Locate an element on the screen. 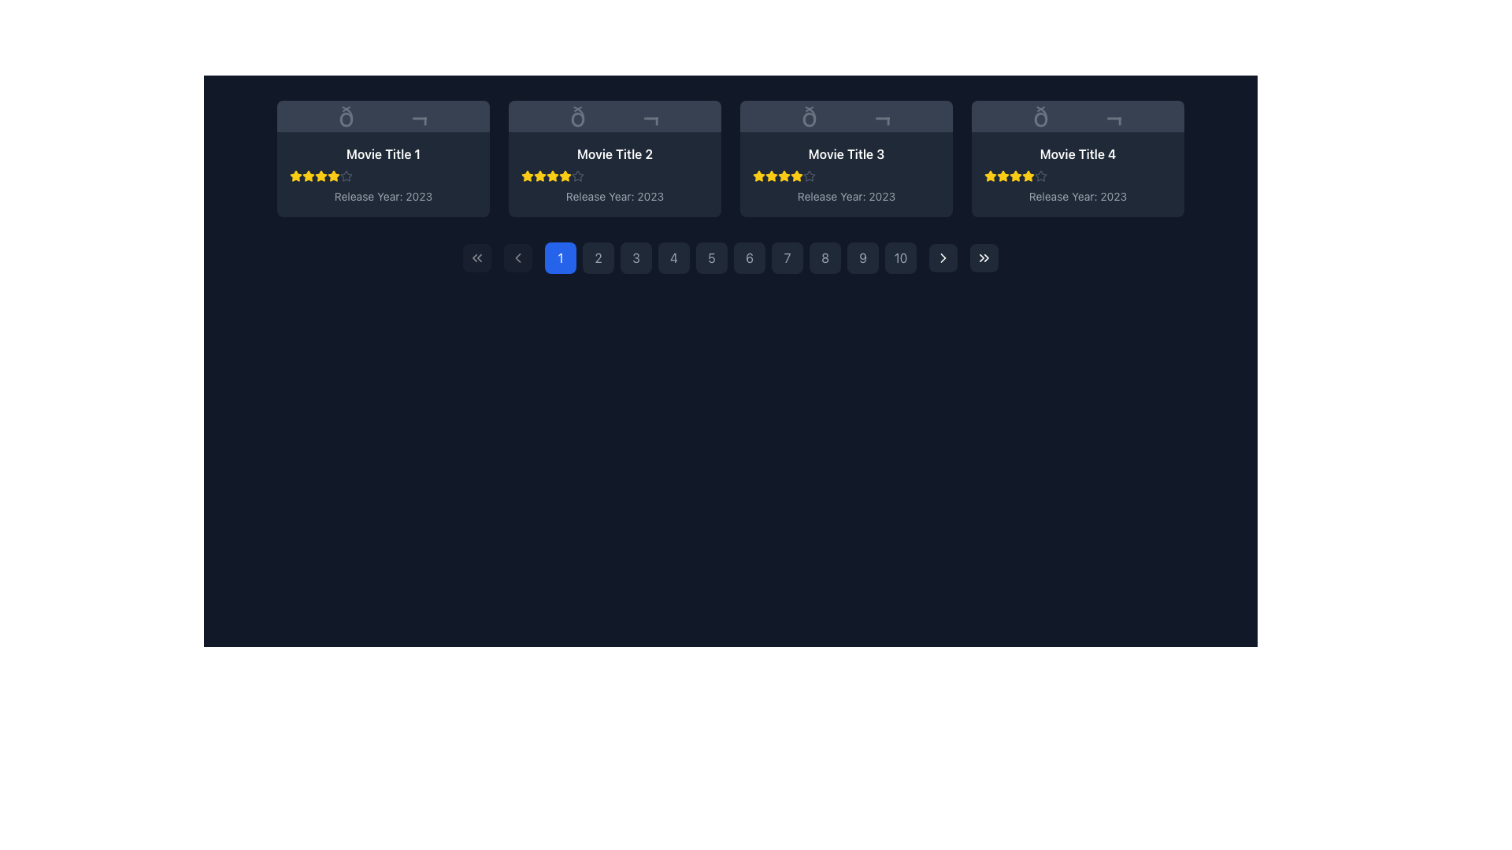 Image resolution: width=1512 pixels, height=850 pixels. the sixth star icon indicating the rating level of the first movie card in the grid is located at coordinates (332, 176).